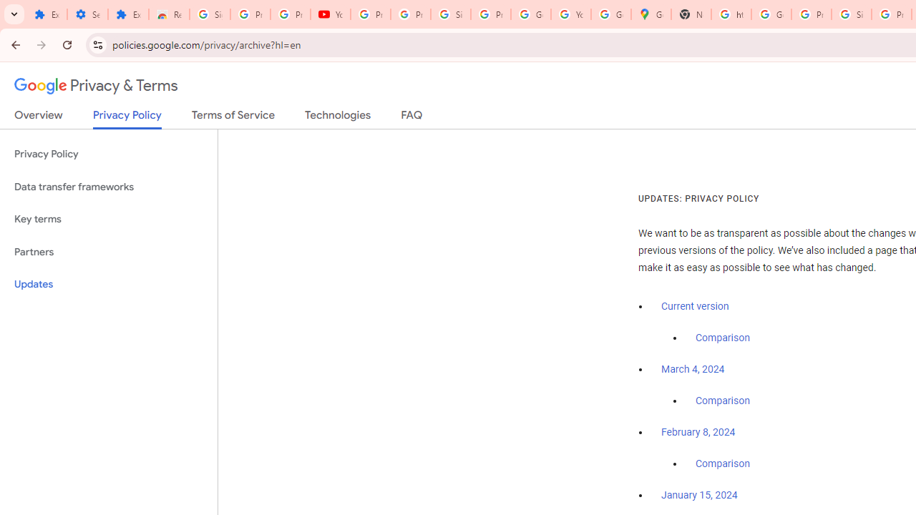 The height and width of the screenshot is (515, 916). I want to click on 'Partners', so click(108, 251).